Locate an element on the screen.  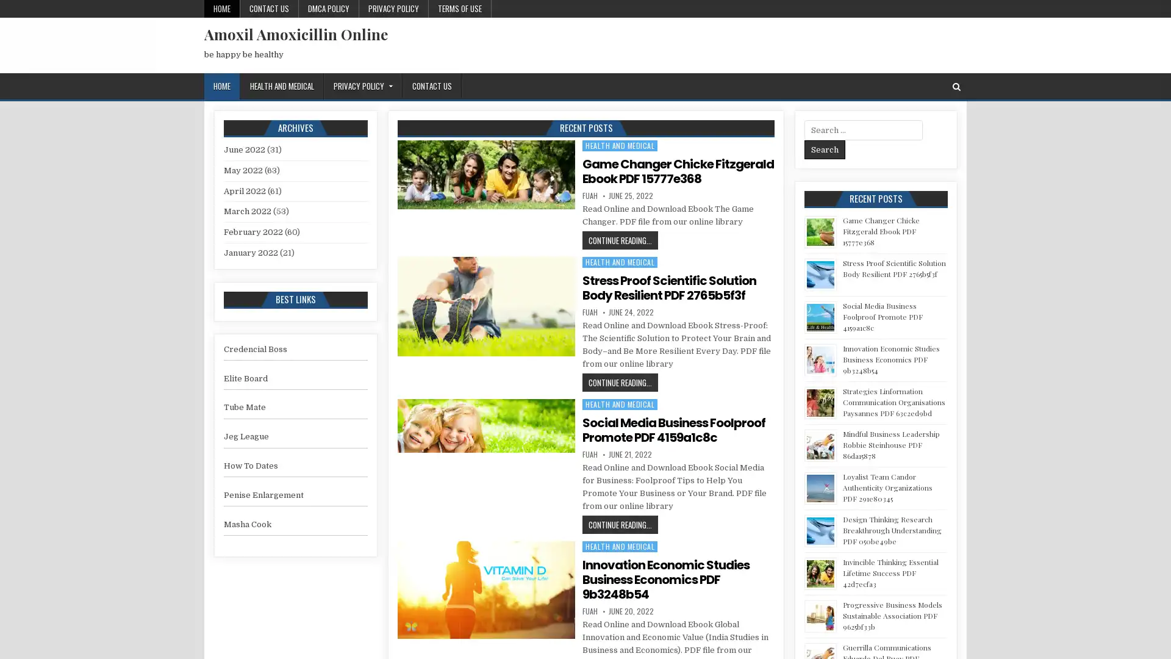
Search is located at coordinates (824, 149).